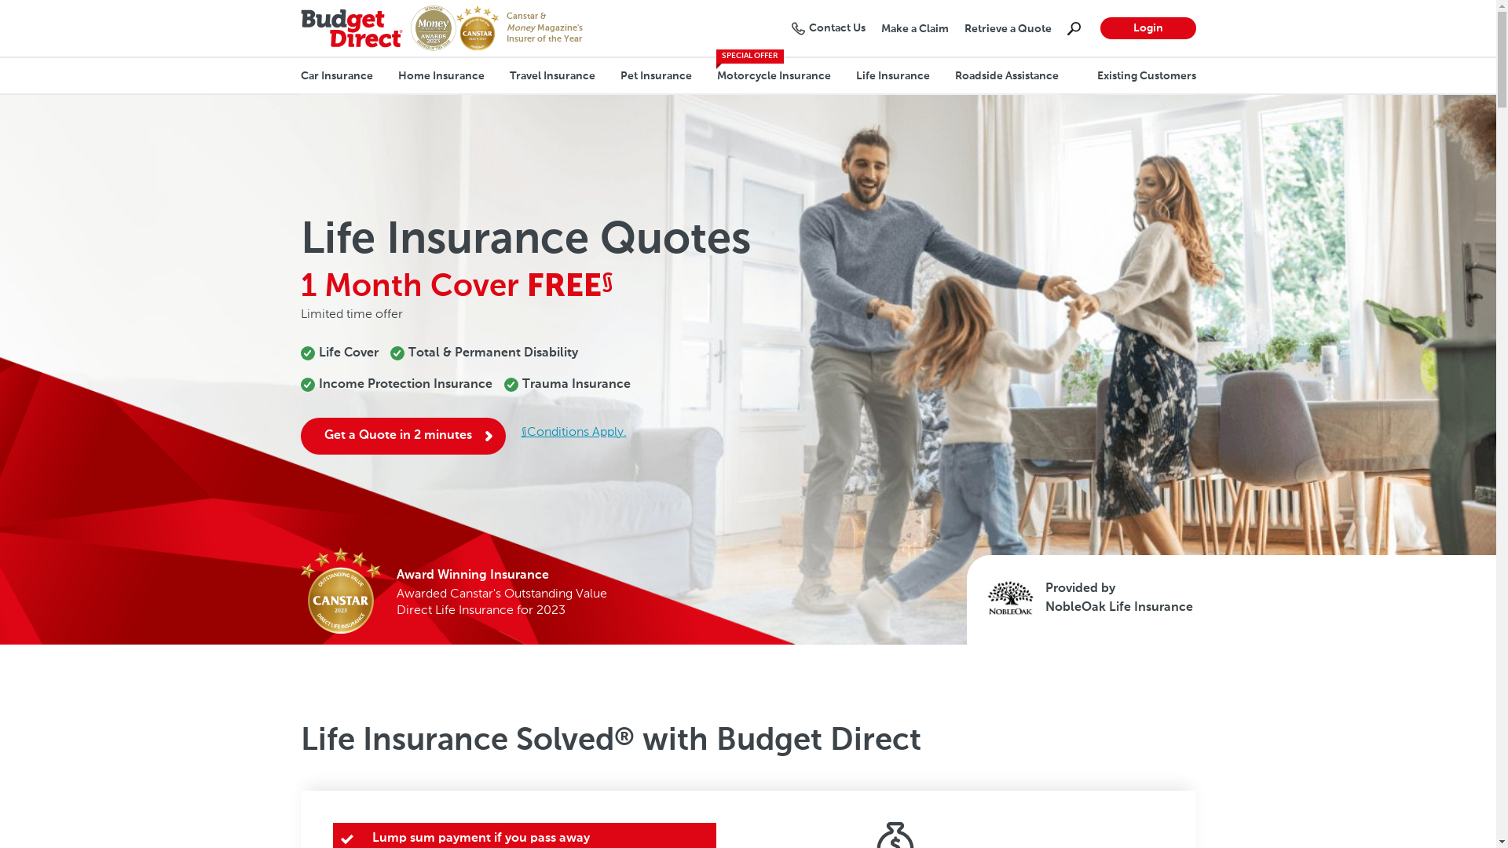  I want to click on 'Car Insurance', so click(300, 76).